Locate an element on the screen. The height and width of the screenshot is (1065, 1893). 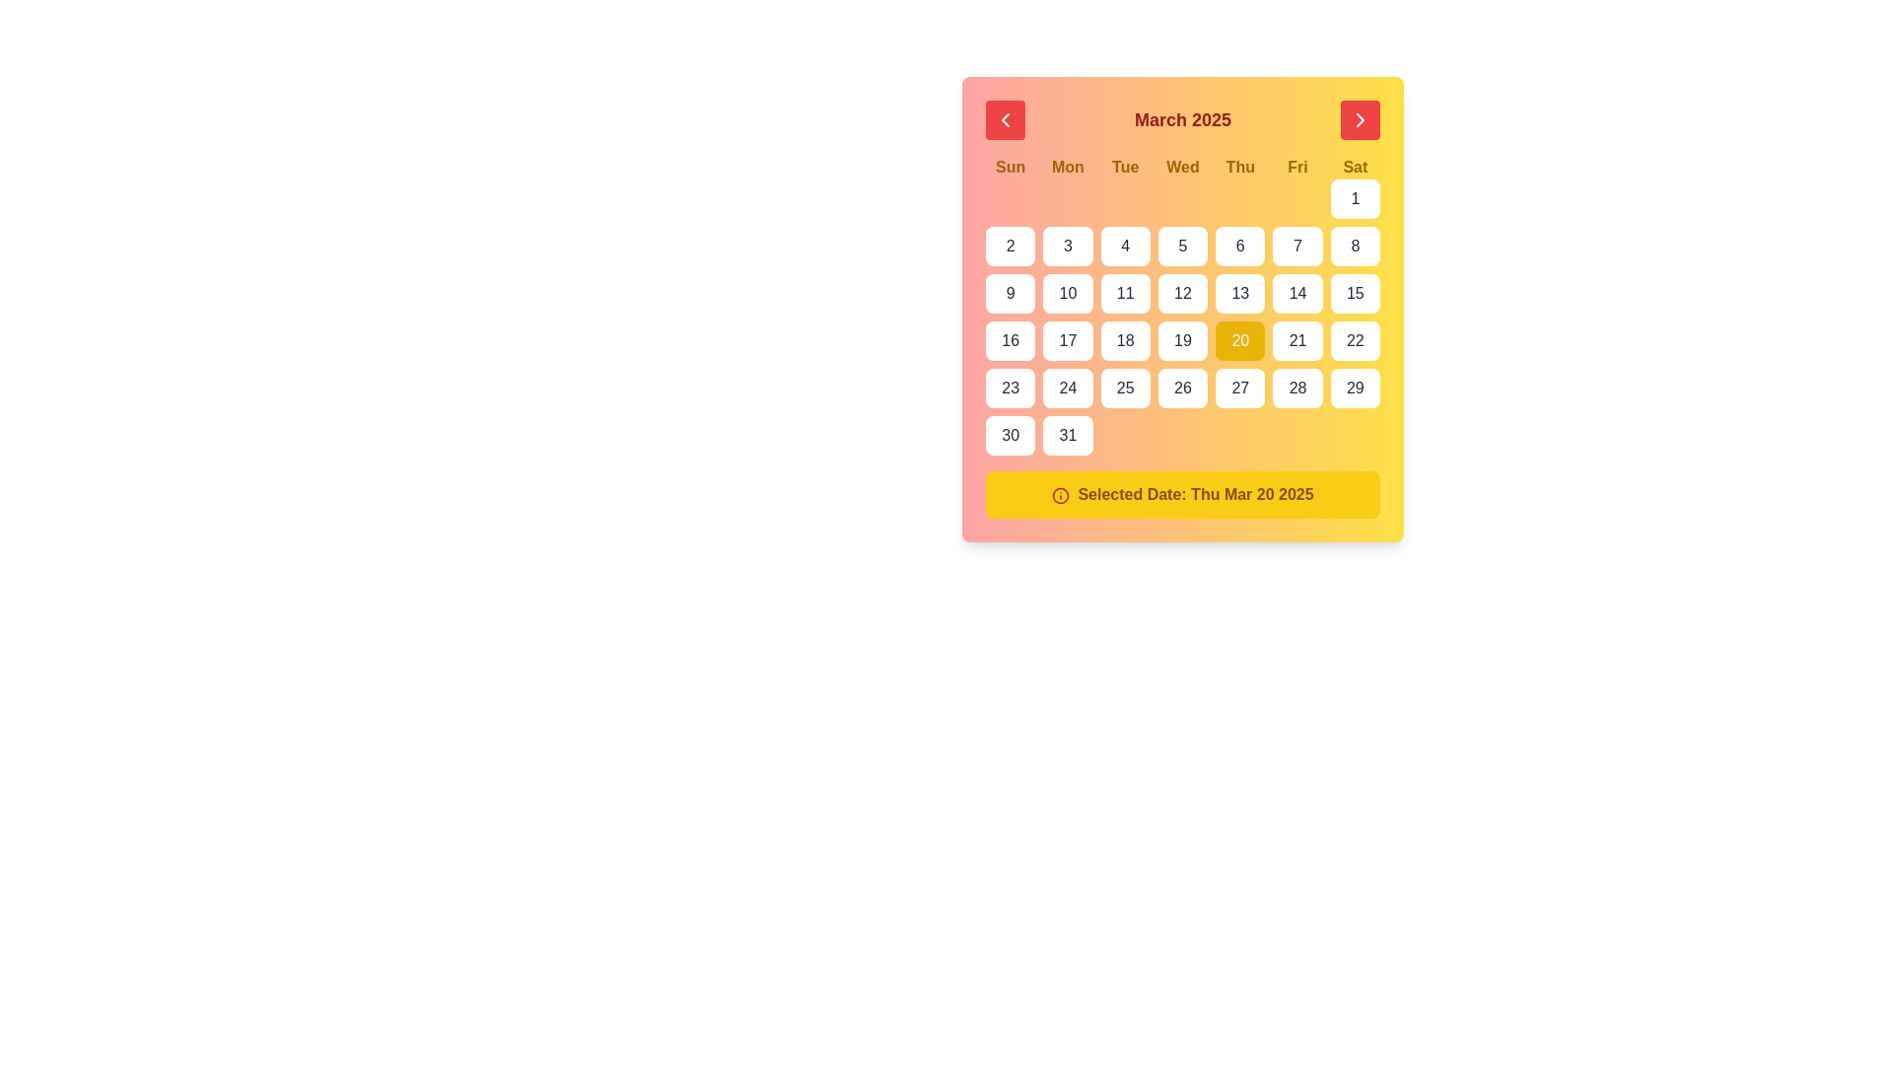
the left-facing chevron icon button, which is a white arrow inside a red circular button, located is located at coordinates (1005, 120).